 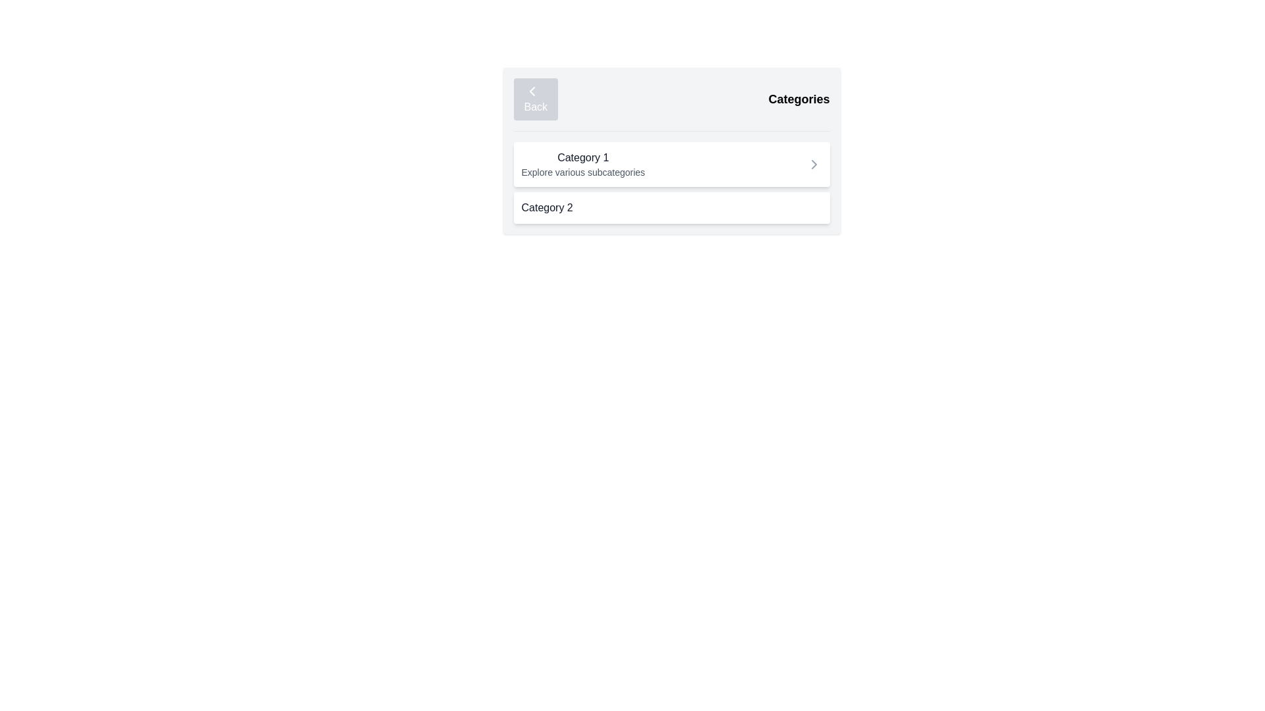 I want to click on the navigational icon located in the top-right corner of the 'Category 1' line item, so click(x=813, y=164).